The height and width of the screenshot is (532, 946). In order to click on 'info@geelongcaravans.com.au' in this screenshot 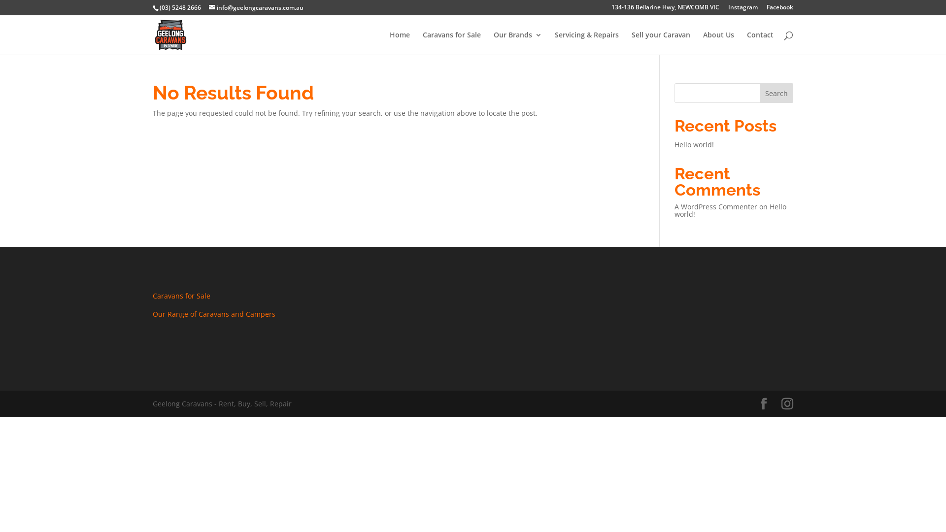, I will do `click(256, 7)`.